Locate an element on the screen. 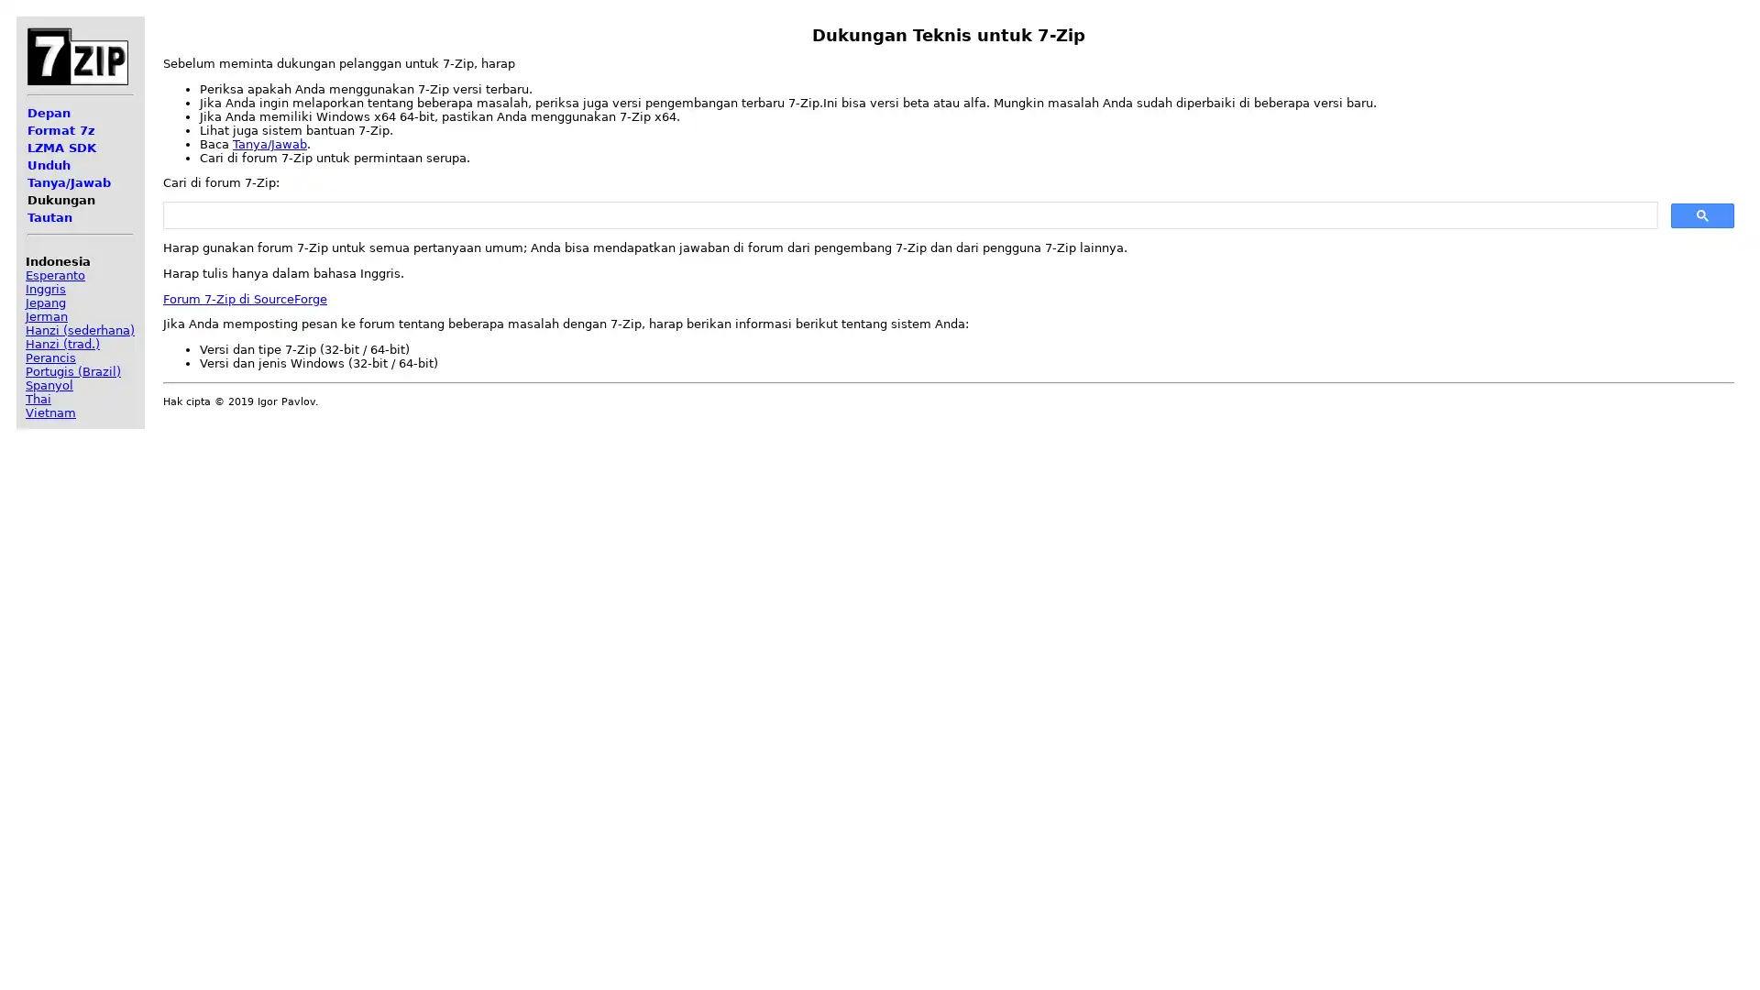 The height and width of the screenshot is (990, 1760). search is located at coordinates (1701, 214).